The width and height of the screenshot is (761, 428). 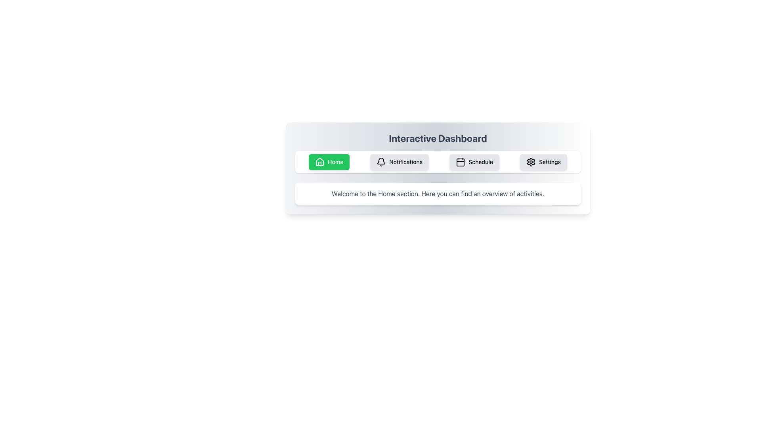 What do you see at coordinates (437, 194) in the screenshot?
I see `the text block displaying the message 'Welcome to the Home section. Here you can find an overview of activities.' which is styled in medium-dark gray and center-justified within a white background` at bounding box center [437, 194].